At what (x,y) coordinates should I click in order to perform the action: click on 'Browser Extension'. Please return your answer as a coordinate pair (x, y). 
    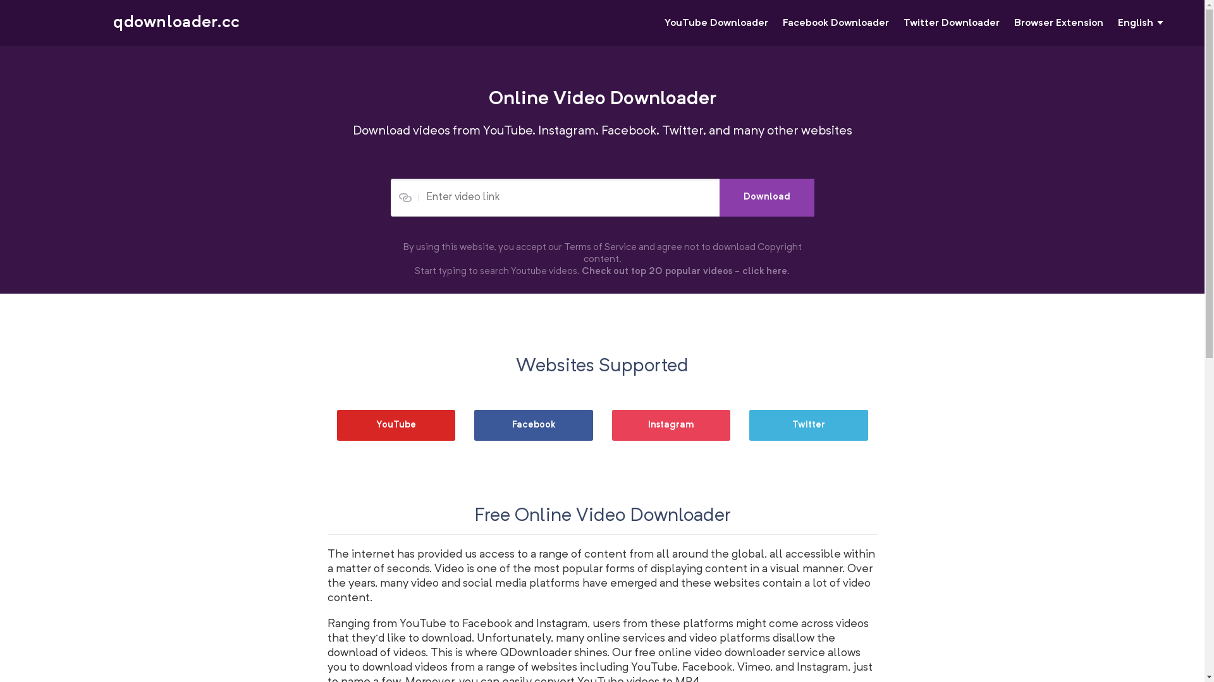
    Looking at the image, I should click on (1058, 23).